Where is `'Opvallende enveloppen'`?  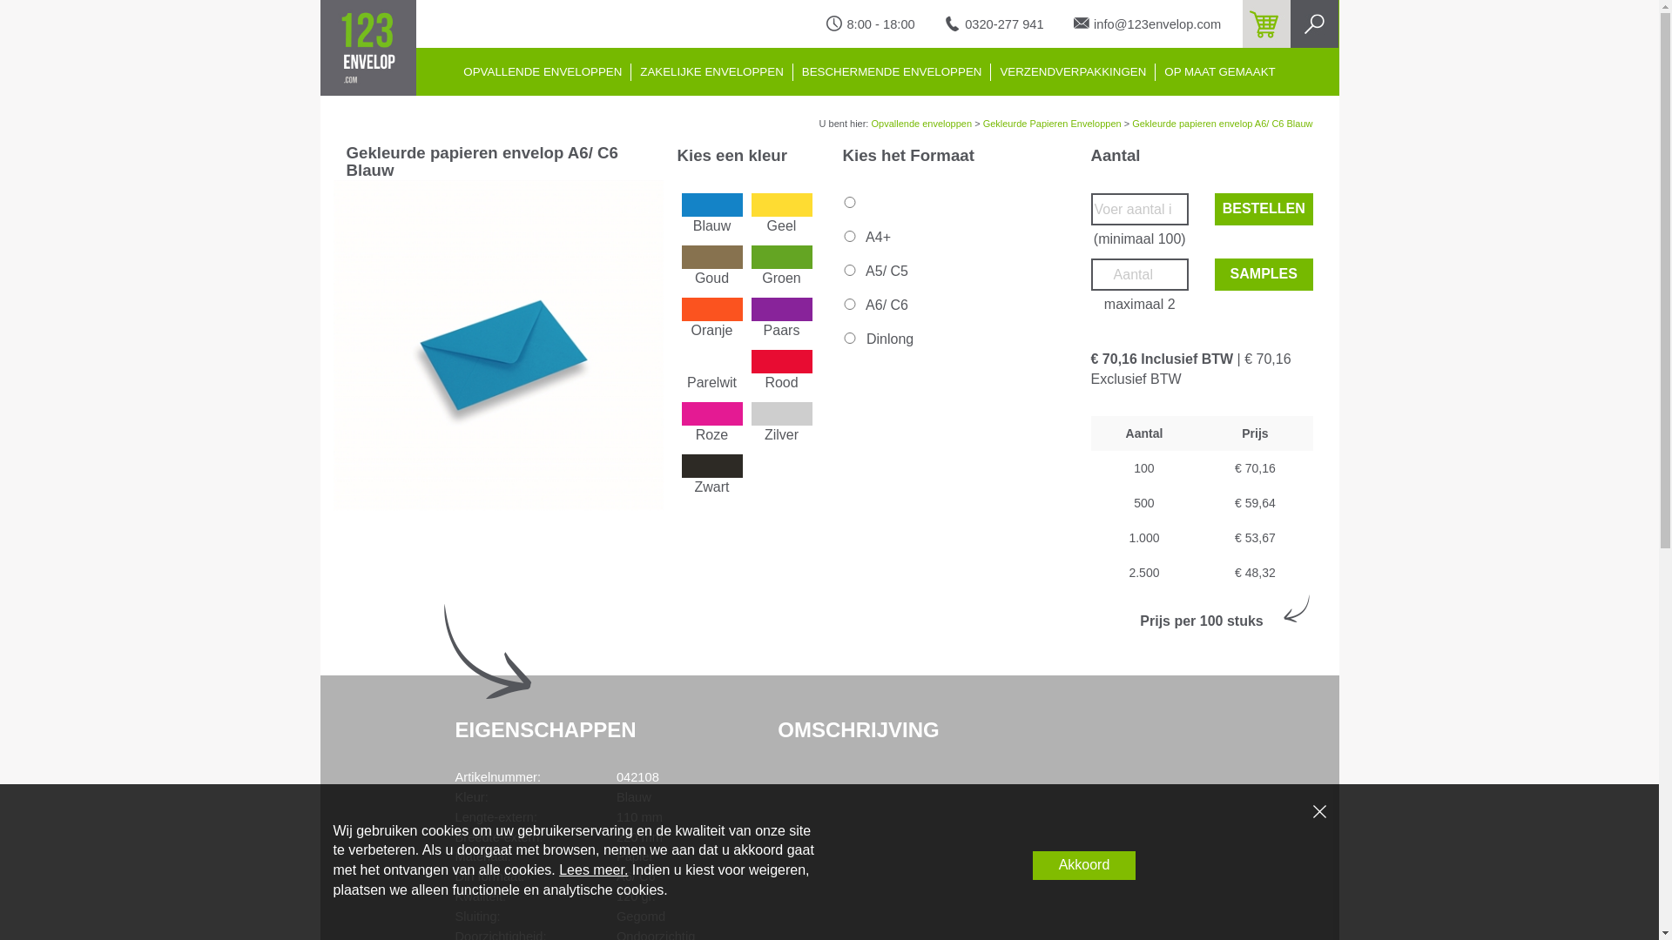 'Opvallende enveloppen' is located at coordinates (920, 123).